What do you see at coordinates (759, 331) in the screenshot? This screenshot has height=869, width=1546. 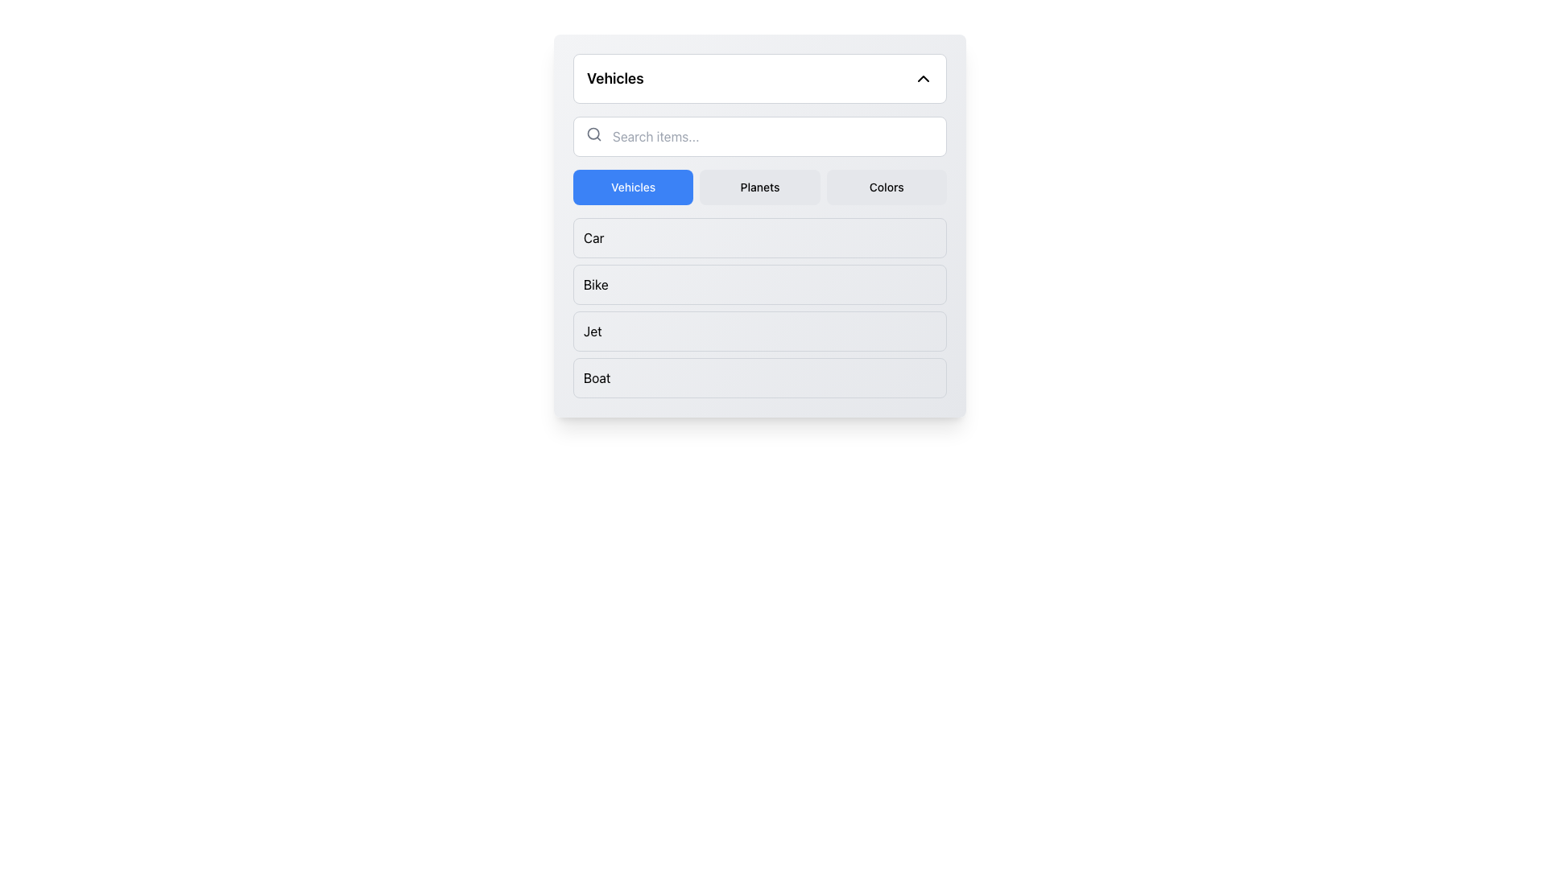 I see `the selectable list item labeled 'Jet'` at bounding box center [759, 331].